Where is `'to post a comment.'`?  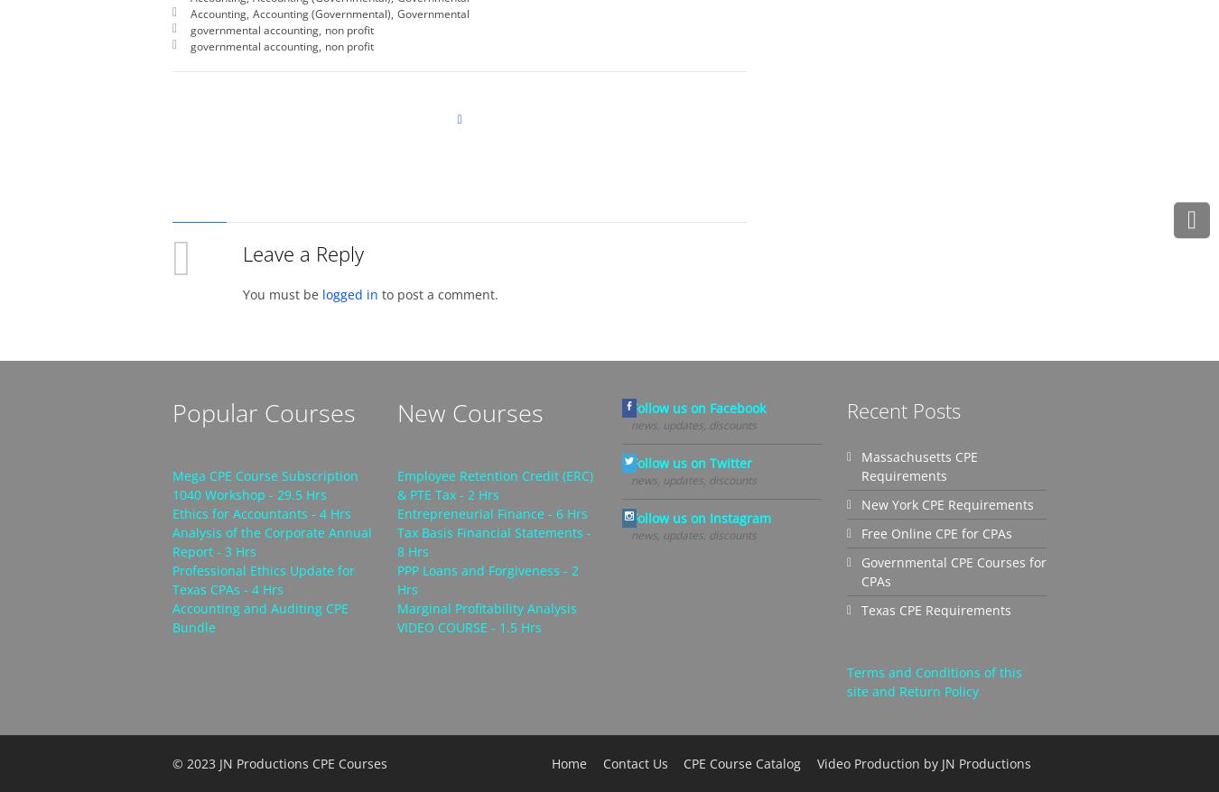
'to post a comment.' is located at coordinates (437, 294).